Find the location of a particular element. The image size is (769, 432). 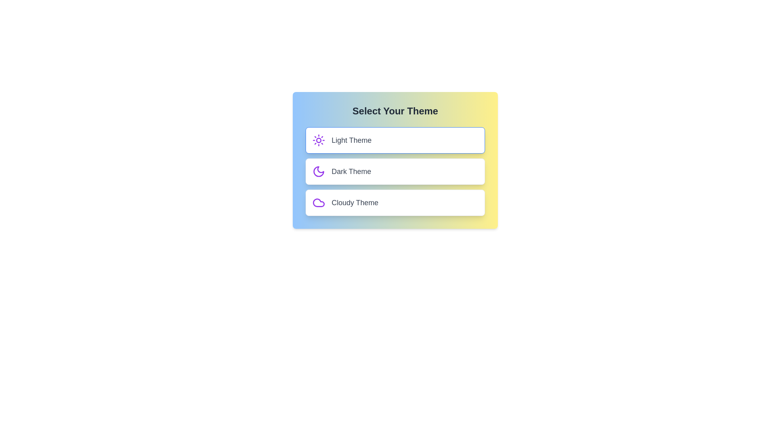

the 'Light Theme' icon, which is the first option in the theme selection list, visually representing the 'Light Theme' option is located at coordinates (318, 140).